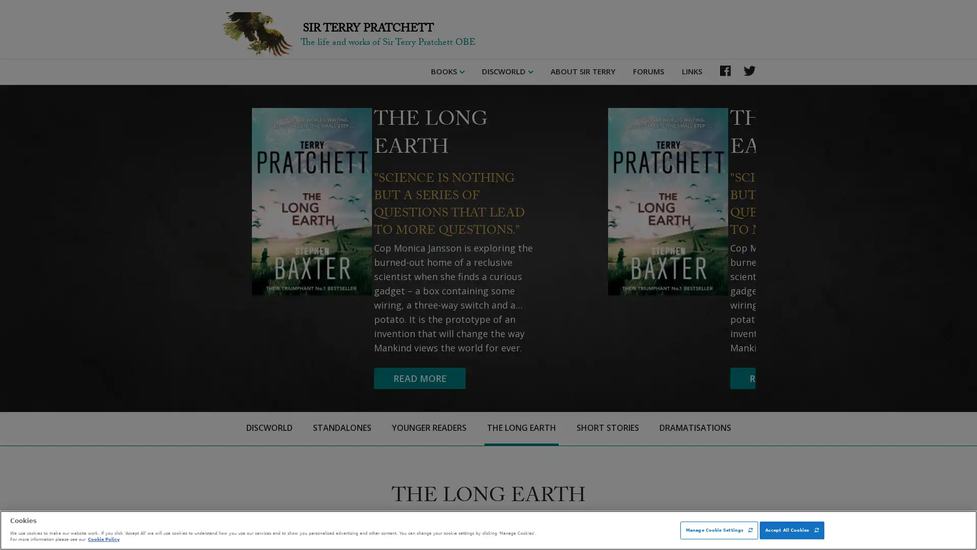 The image size is (977, 550). Describe the element at coordinates (719, 530) in the screenshot. I see `Manage Cookie Settings` at that location.